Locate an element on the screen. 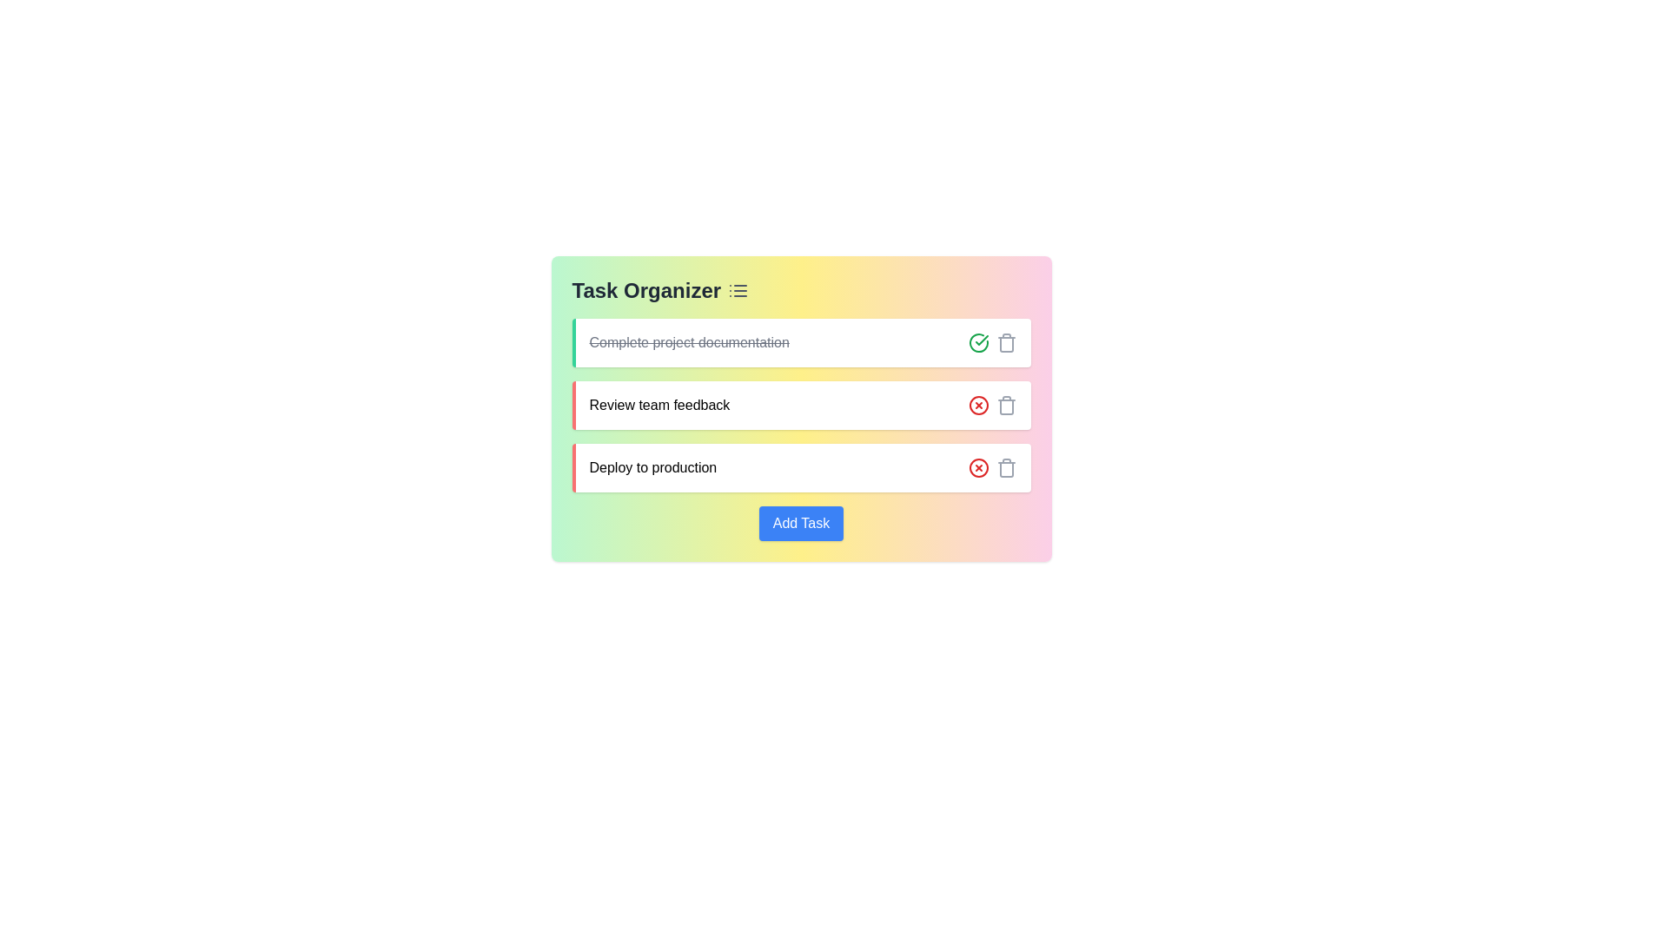  the delete button, which is the second icon in a horizontal layout, positioned next to a red circled X icon is located at coordinates (1006, 342).